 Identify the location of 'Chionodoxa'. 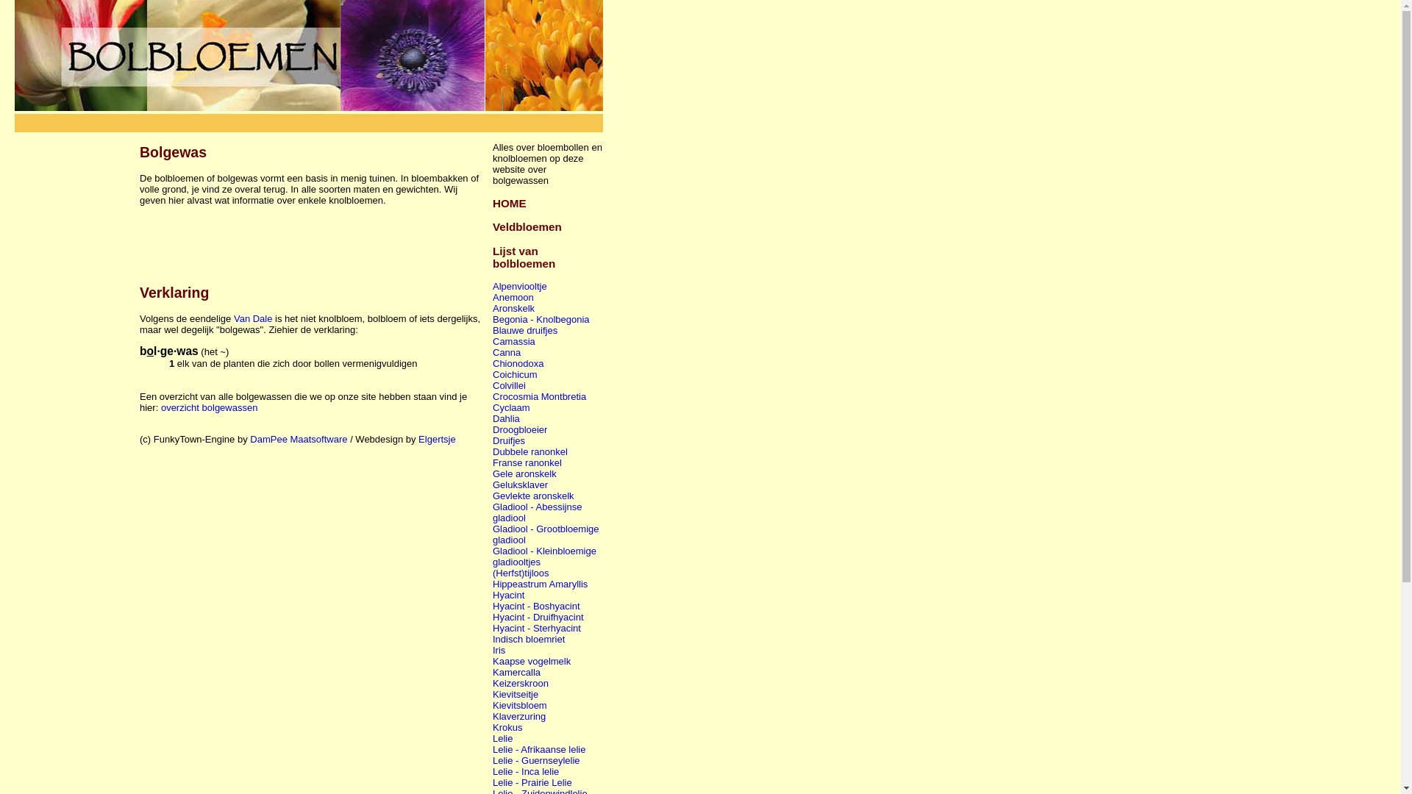
(493, 363).